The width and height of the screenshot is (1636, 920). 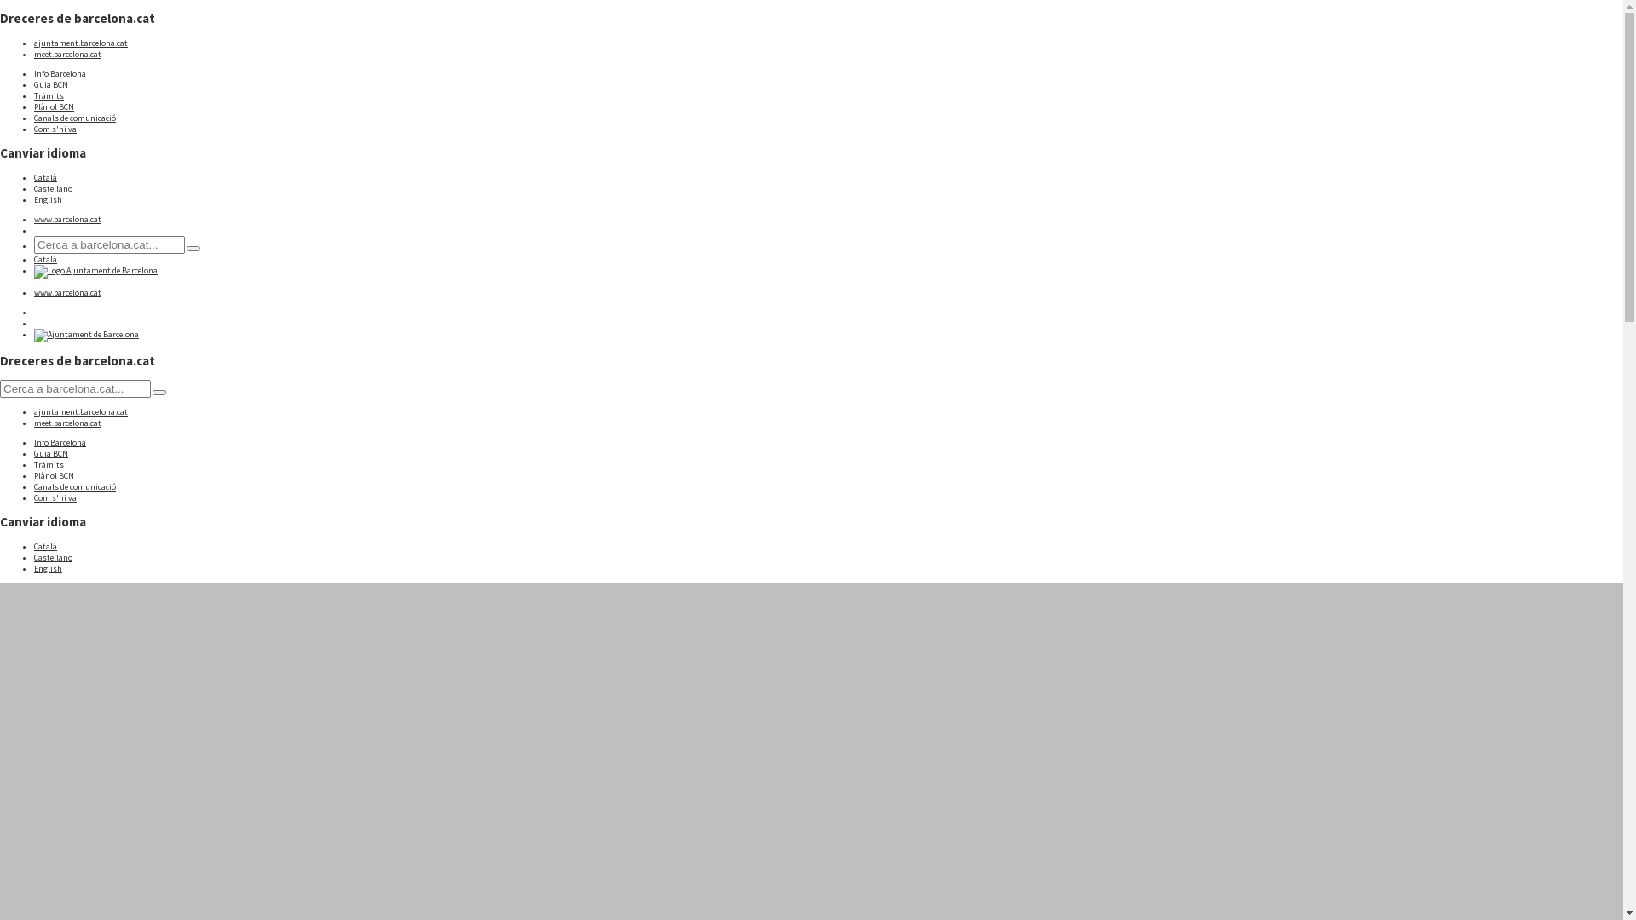 What do you see at coordinates (53, 557) in the screenshot?
I see `'Castellano'` at bounding box center [53, 557].